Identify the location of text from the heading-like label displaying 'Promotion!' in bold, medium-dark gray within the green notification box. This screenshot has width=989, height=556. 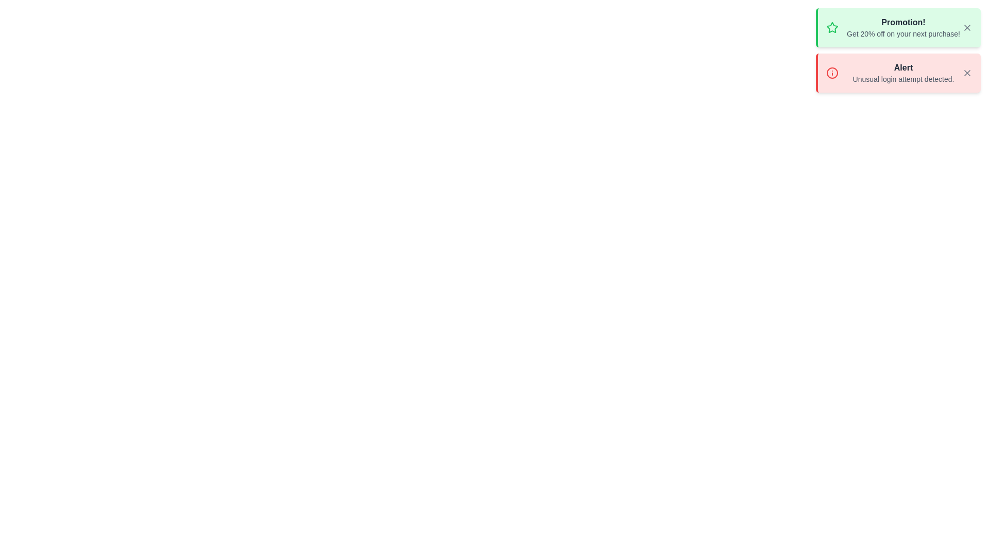
(902, 22).